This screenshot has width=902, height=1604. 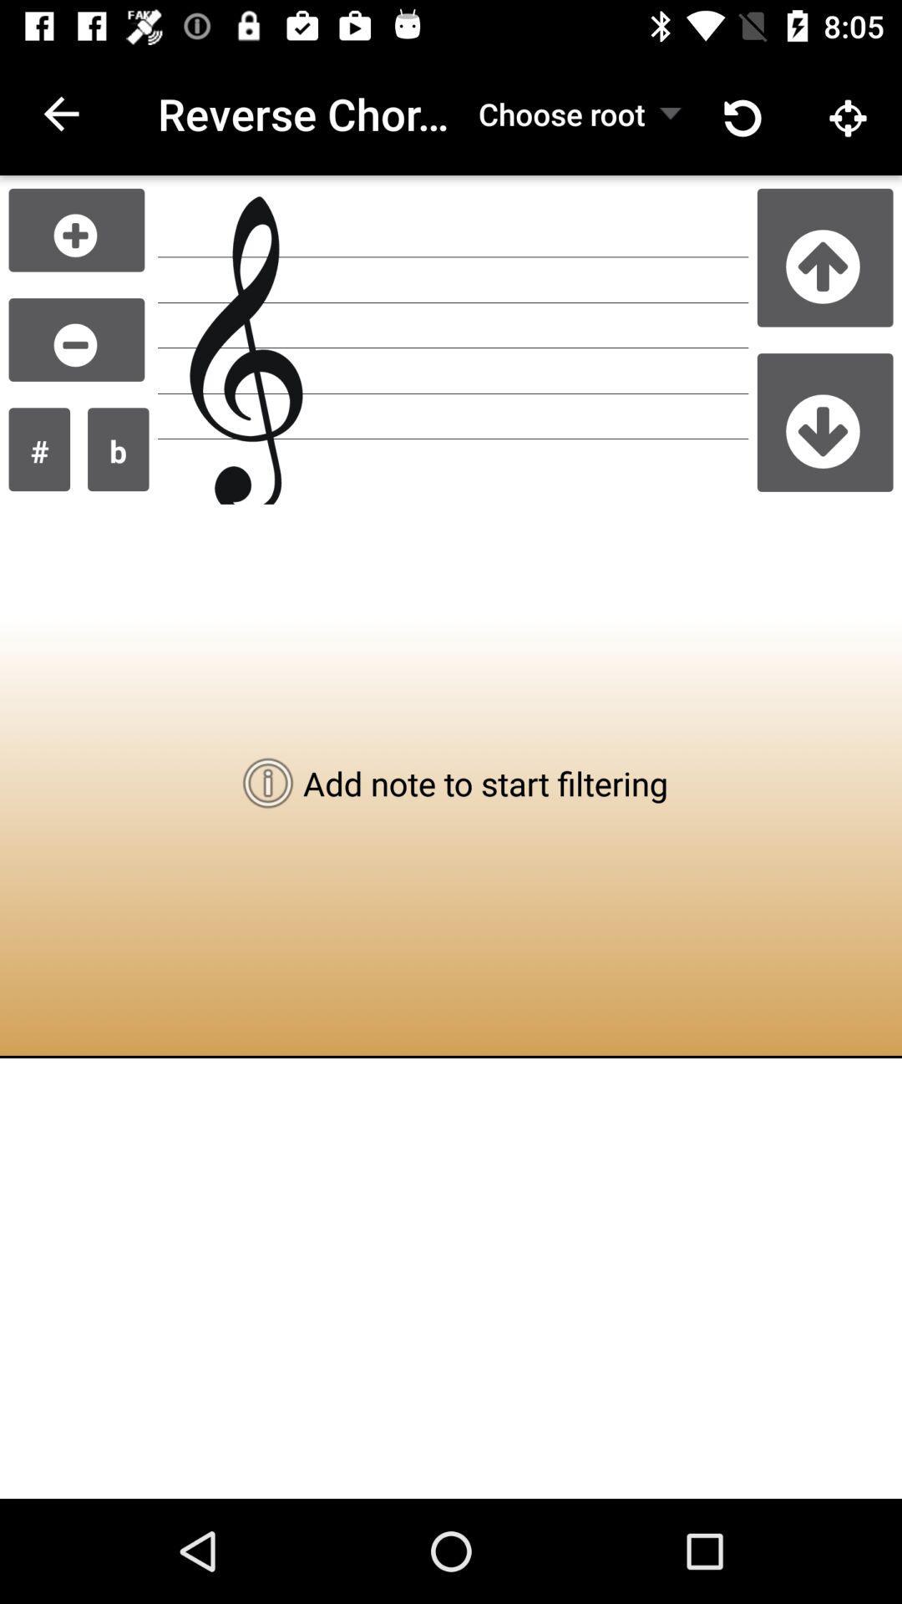 I want to click on scroll up, so click(x=824, y=256).